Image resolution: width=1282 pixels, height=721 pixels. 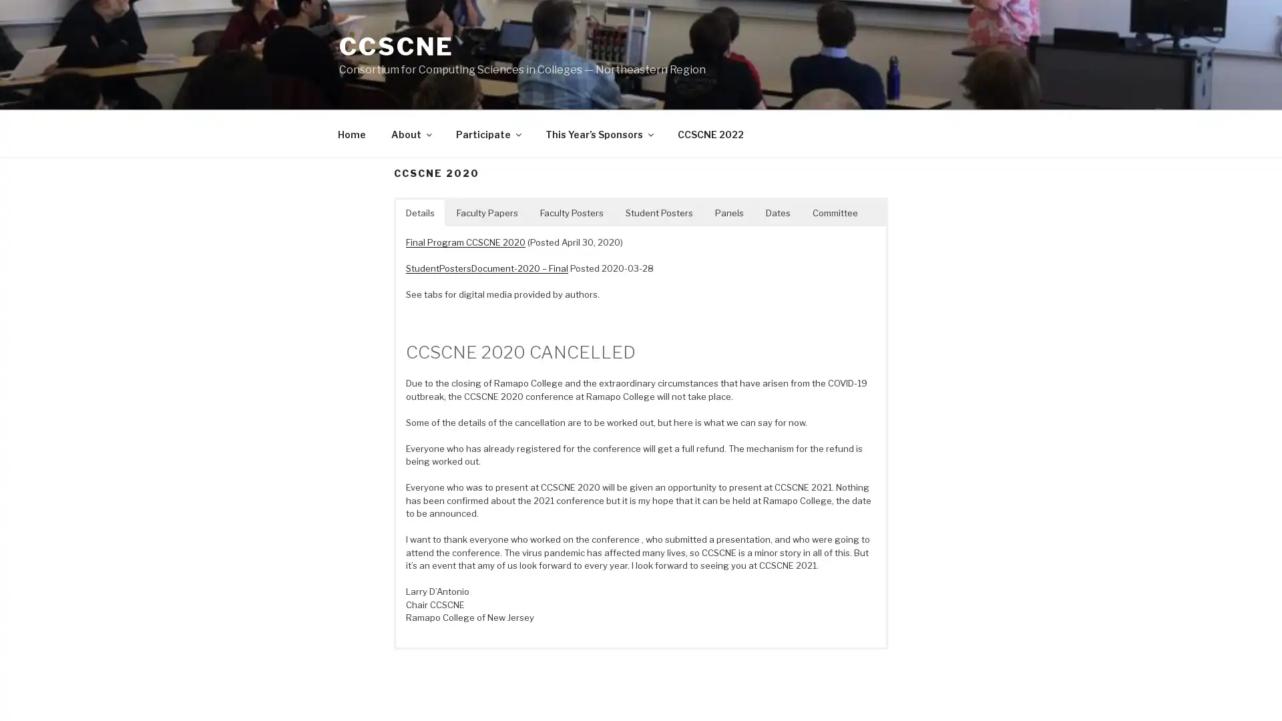 What do you see at coordinates (659, 211) in the screenshot?
I see `Student Posters` at bounding box center [659, 211].